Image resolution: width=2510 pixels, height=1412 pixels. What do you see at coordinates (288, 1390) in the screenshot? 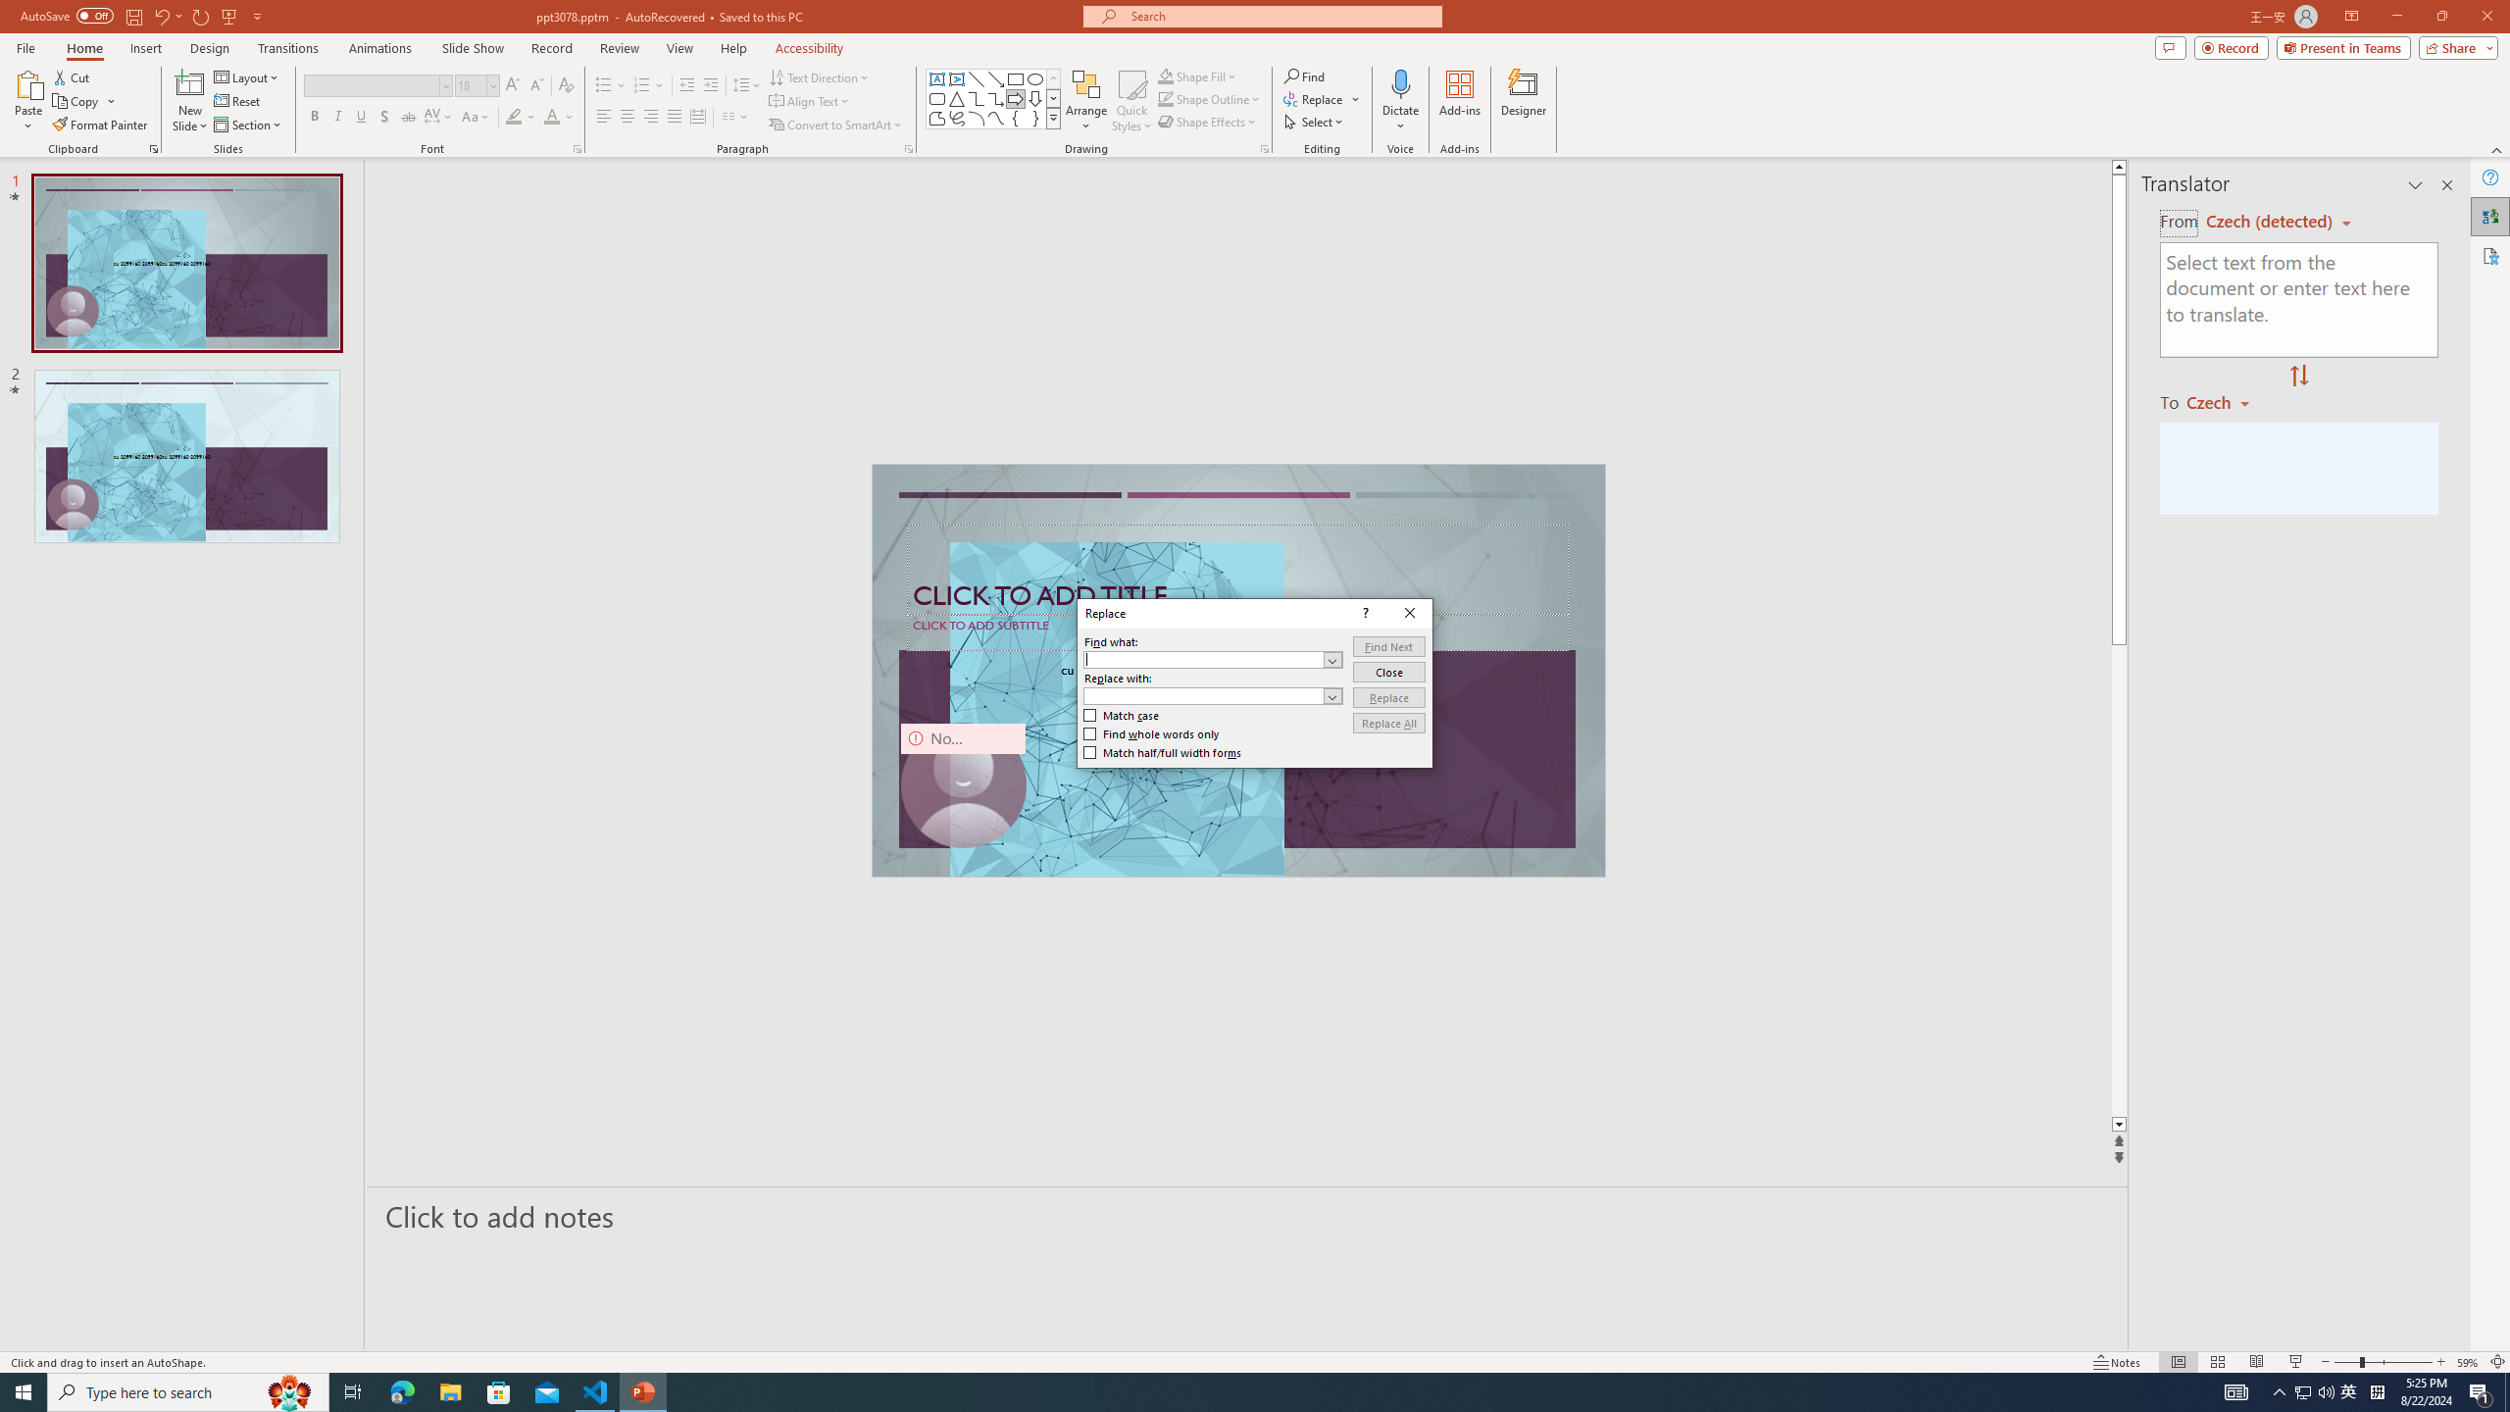
I see `'Search highlights icon opens search home window'` at bounding box center [288, 1390].